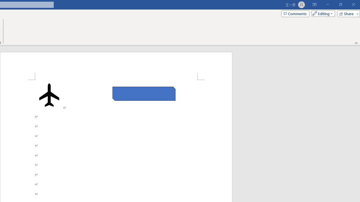 Image resolution: width=360 pixels, height=202 pixels. Describe the element at coordinates (49, 95) in the screenshot. I see `'Airplane with solid fill'` at that location.